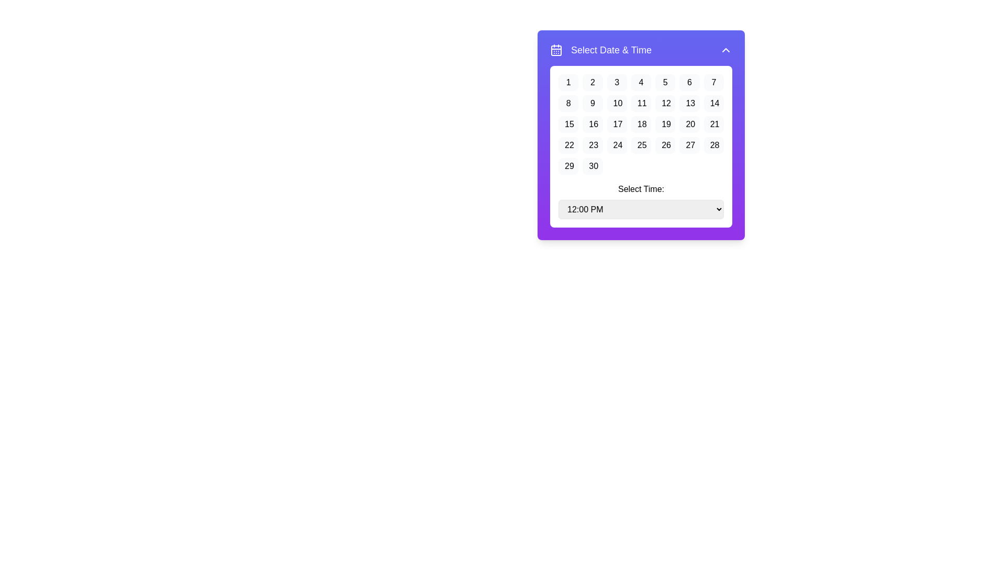 The image size is (1005, 565). Describe the element at coordinates (617, 82) in the screenshot. I see `the button displaying the number '3' in the calendar grid of the date-picker component` at that location.